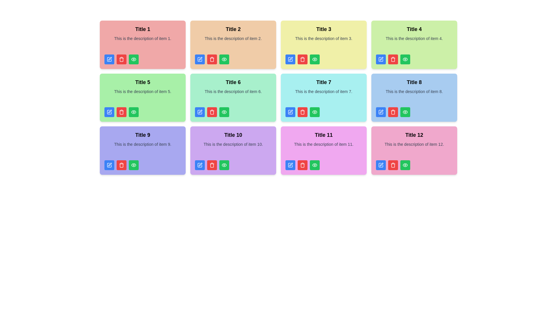 This screenshot has height=313, width=557. Describe the element at coordinates (414, 97) in the screenshot. I see `the red delete button located at the bottom of the individual item card in the second row, fourth column of the grid` at that location.